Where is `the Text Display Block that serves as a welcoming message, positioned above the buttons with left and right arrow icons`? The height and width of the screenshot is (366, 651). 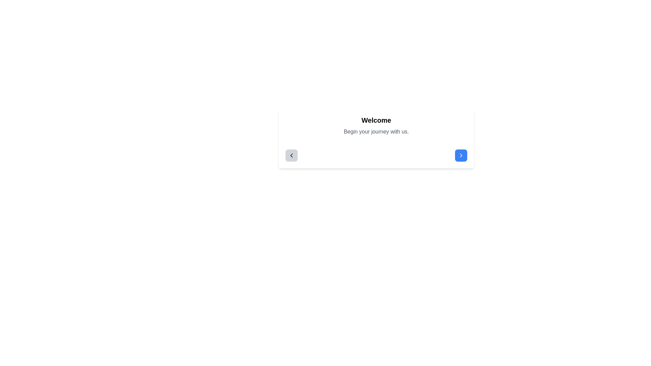 the Text Display Block that serves as a welcoming message, positioned above the buttons with left and right arrow icons is located at coordinates (376, 125).